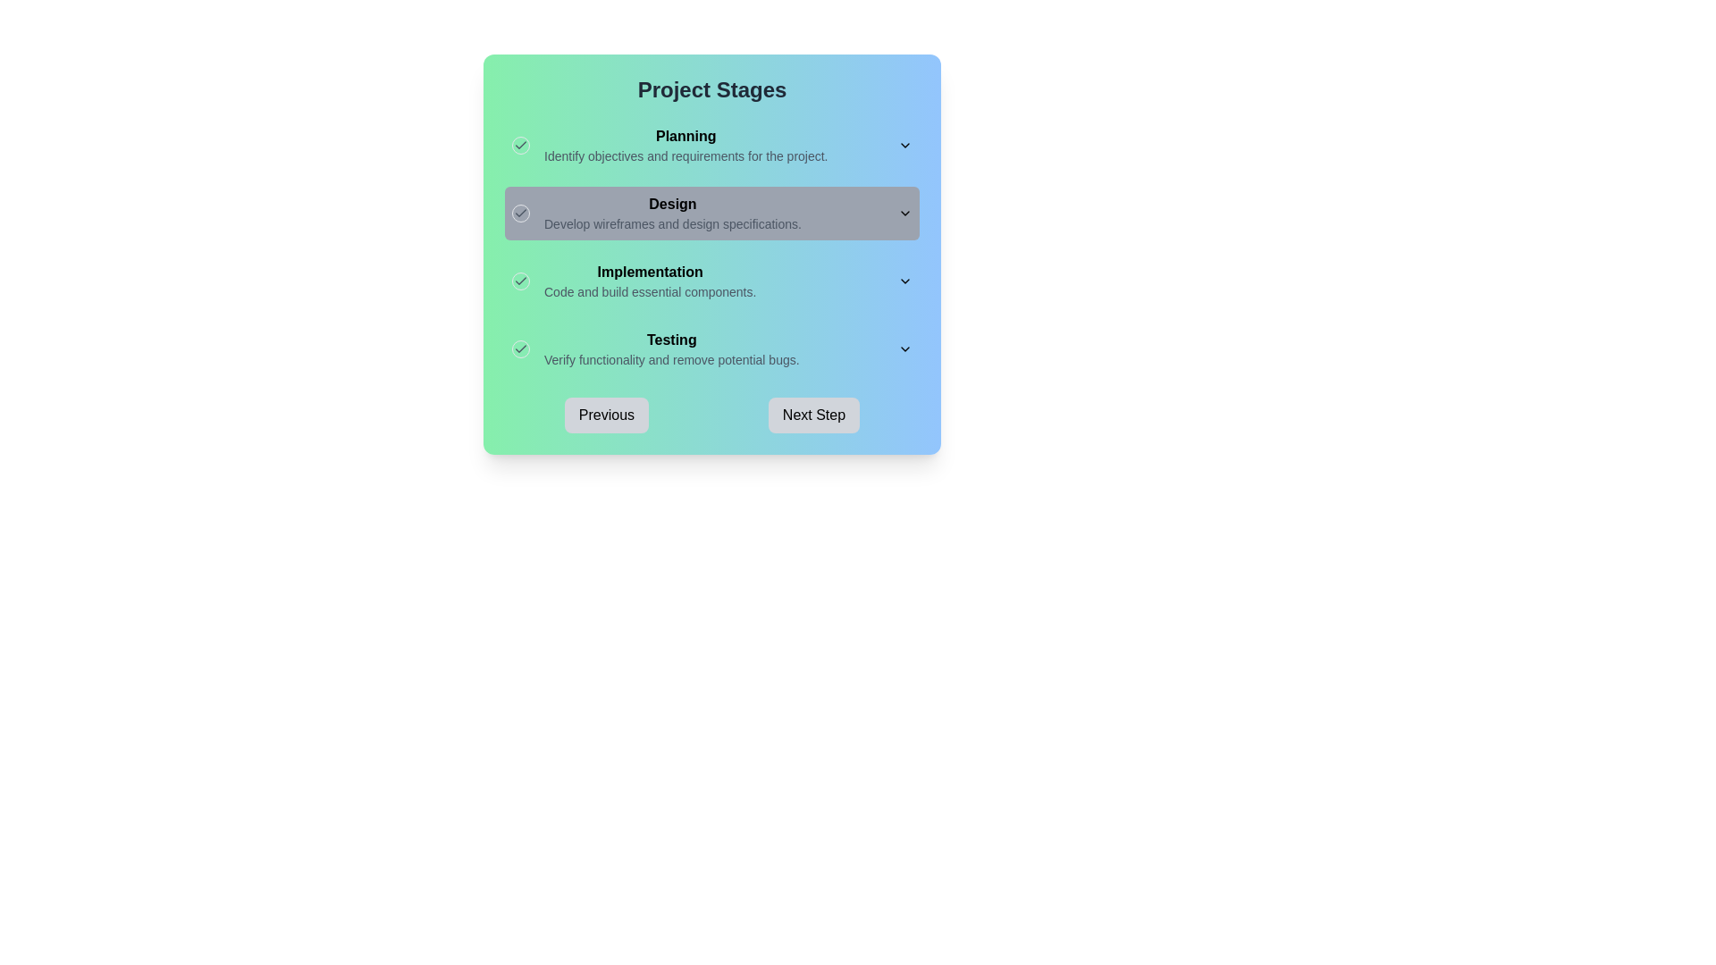 The width and height of the screenshot is (1716, 965). Describe the element at coordinates (649, 272) in the screenshot. I see `the text label displaying 'Implementation', which is in bold font and serves as the title of a project stage element` at that location.